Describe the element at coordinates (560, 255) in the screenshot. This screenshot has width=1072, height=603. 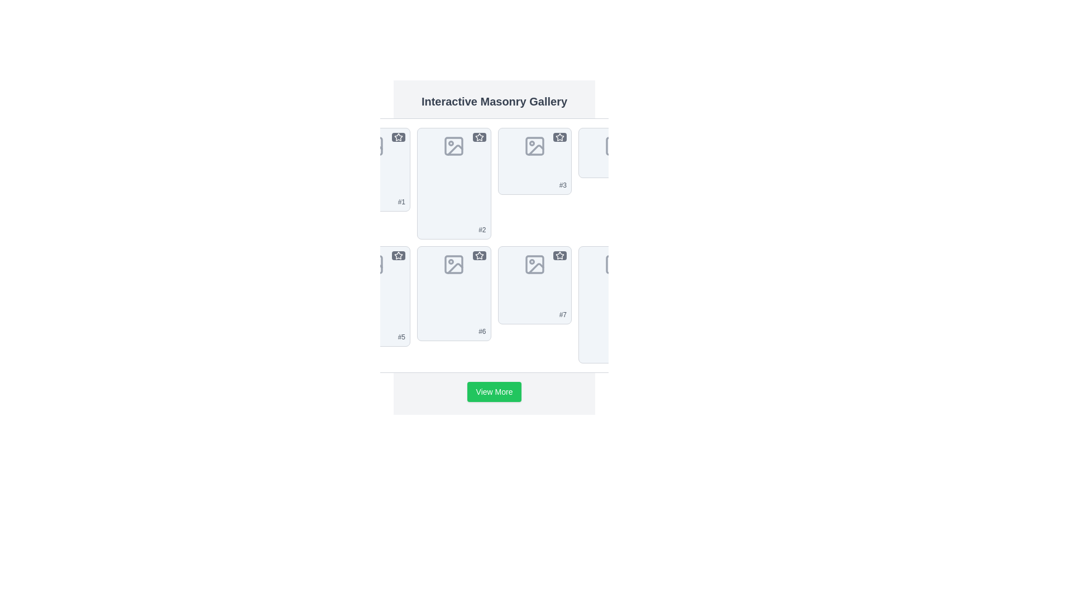
I see `the star-shaped graphic icon located at the top right corner of card #7 in the UI, which is used for marking, favoriting, or tagging the associated item` at that location.